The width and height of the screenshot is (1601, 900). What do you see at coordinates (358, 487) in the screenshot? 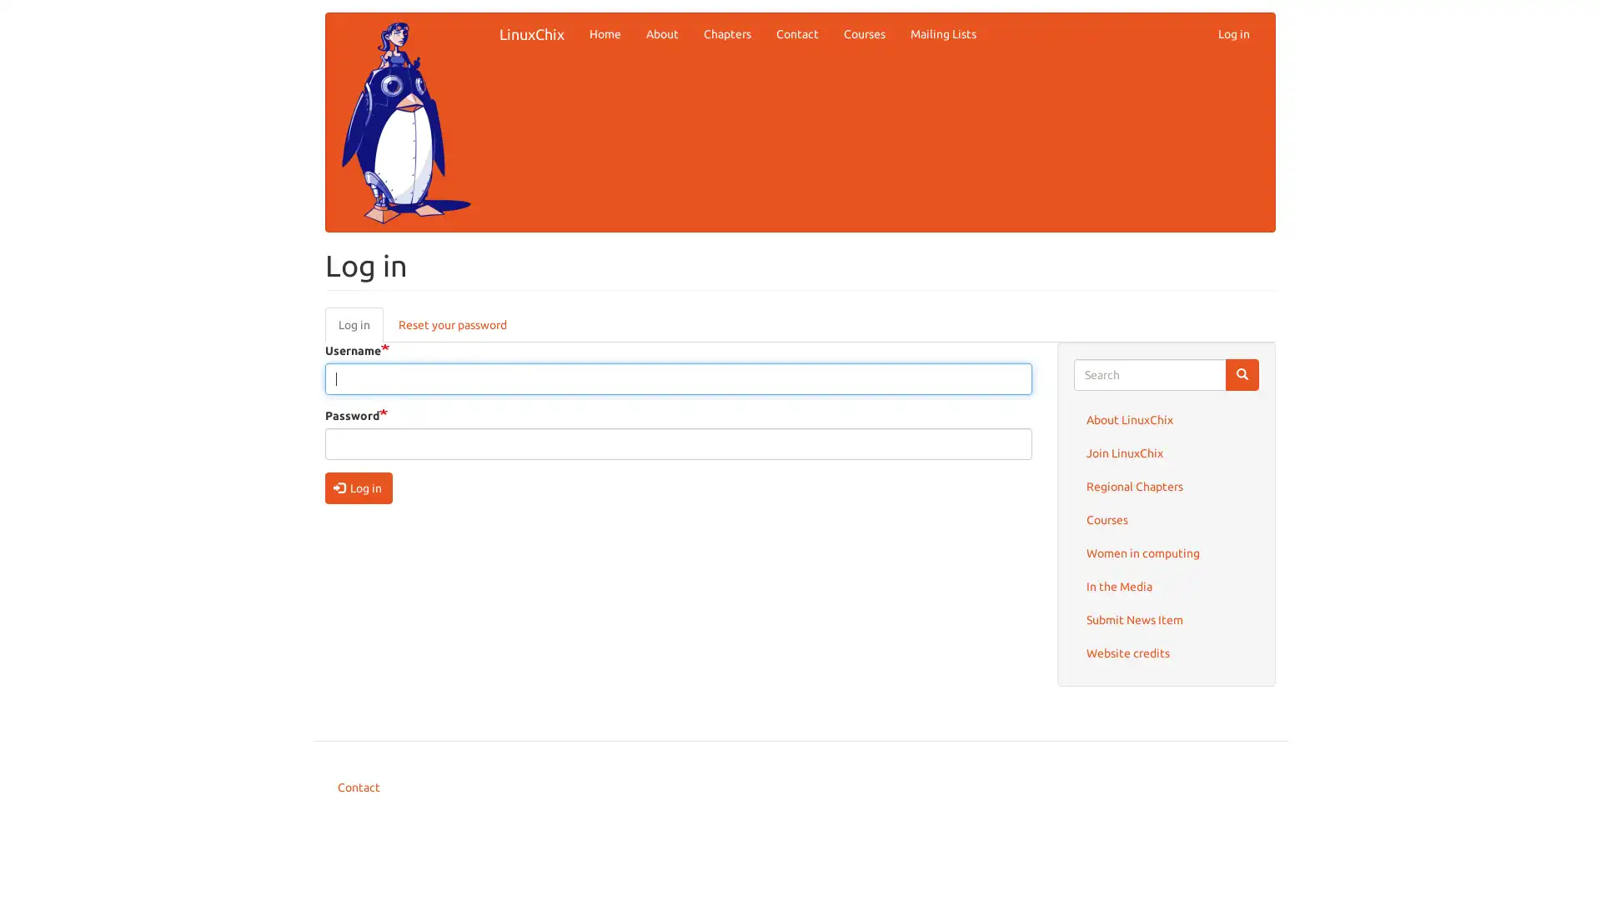
I see `Log in` at bounding box center [358, 487].